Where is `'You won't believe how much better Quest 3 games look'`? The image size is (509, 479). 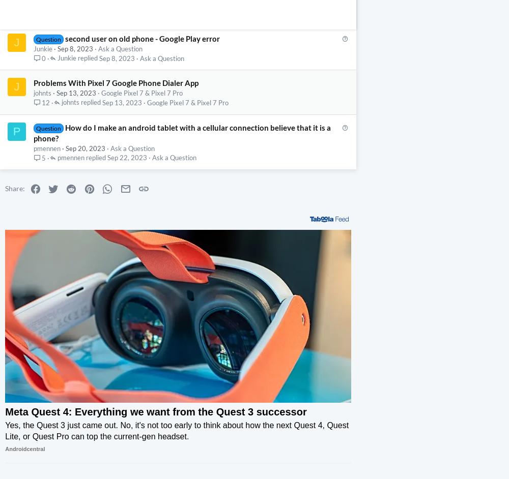
'You won't believe how much better Quest 3 games look' is located at coordinates (111, 409).